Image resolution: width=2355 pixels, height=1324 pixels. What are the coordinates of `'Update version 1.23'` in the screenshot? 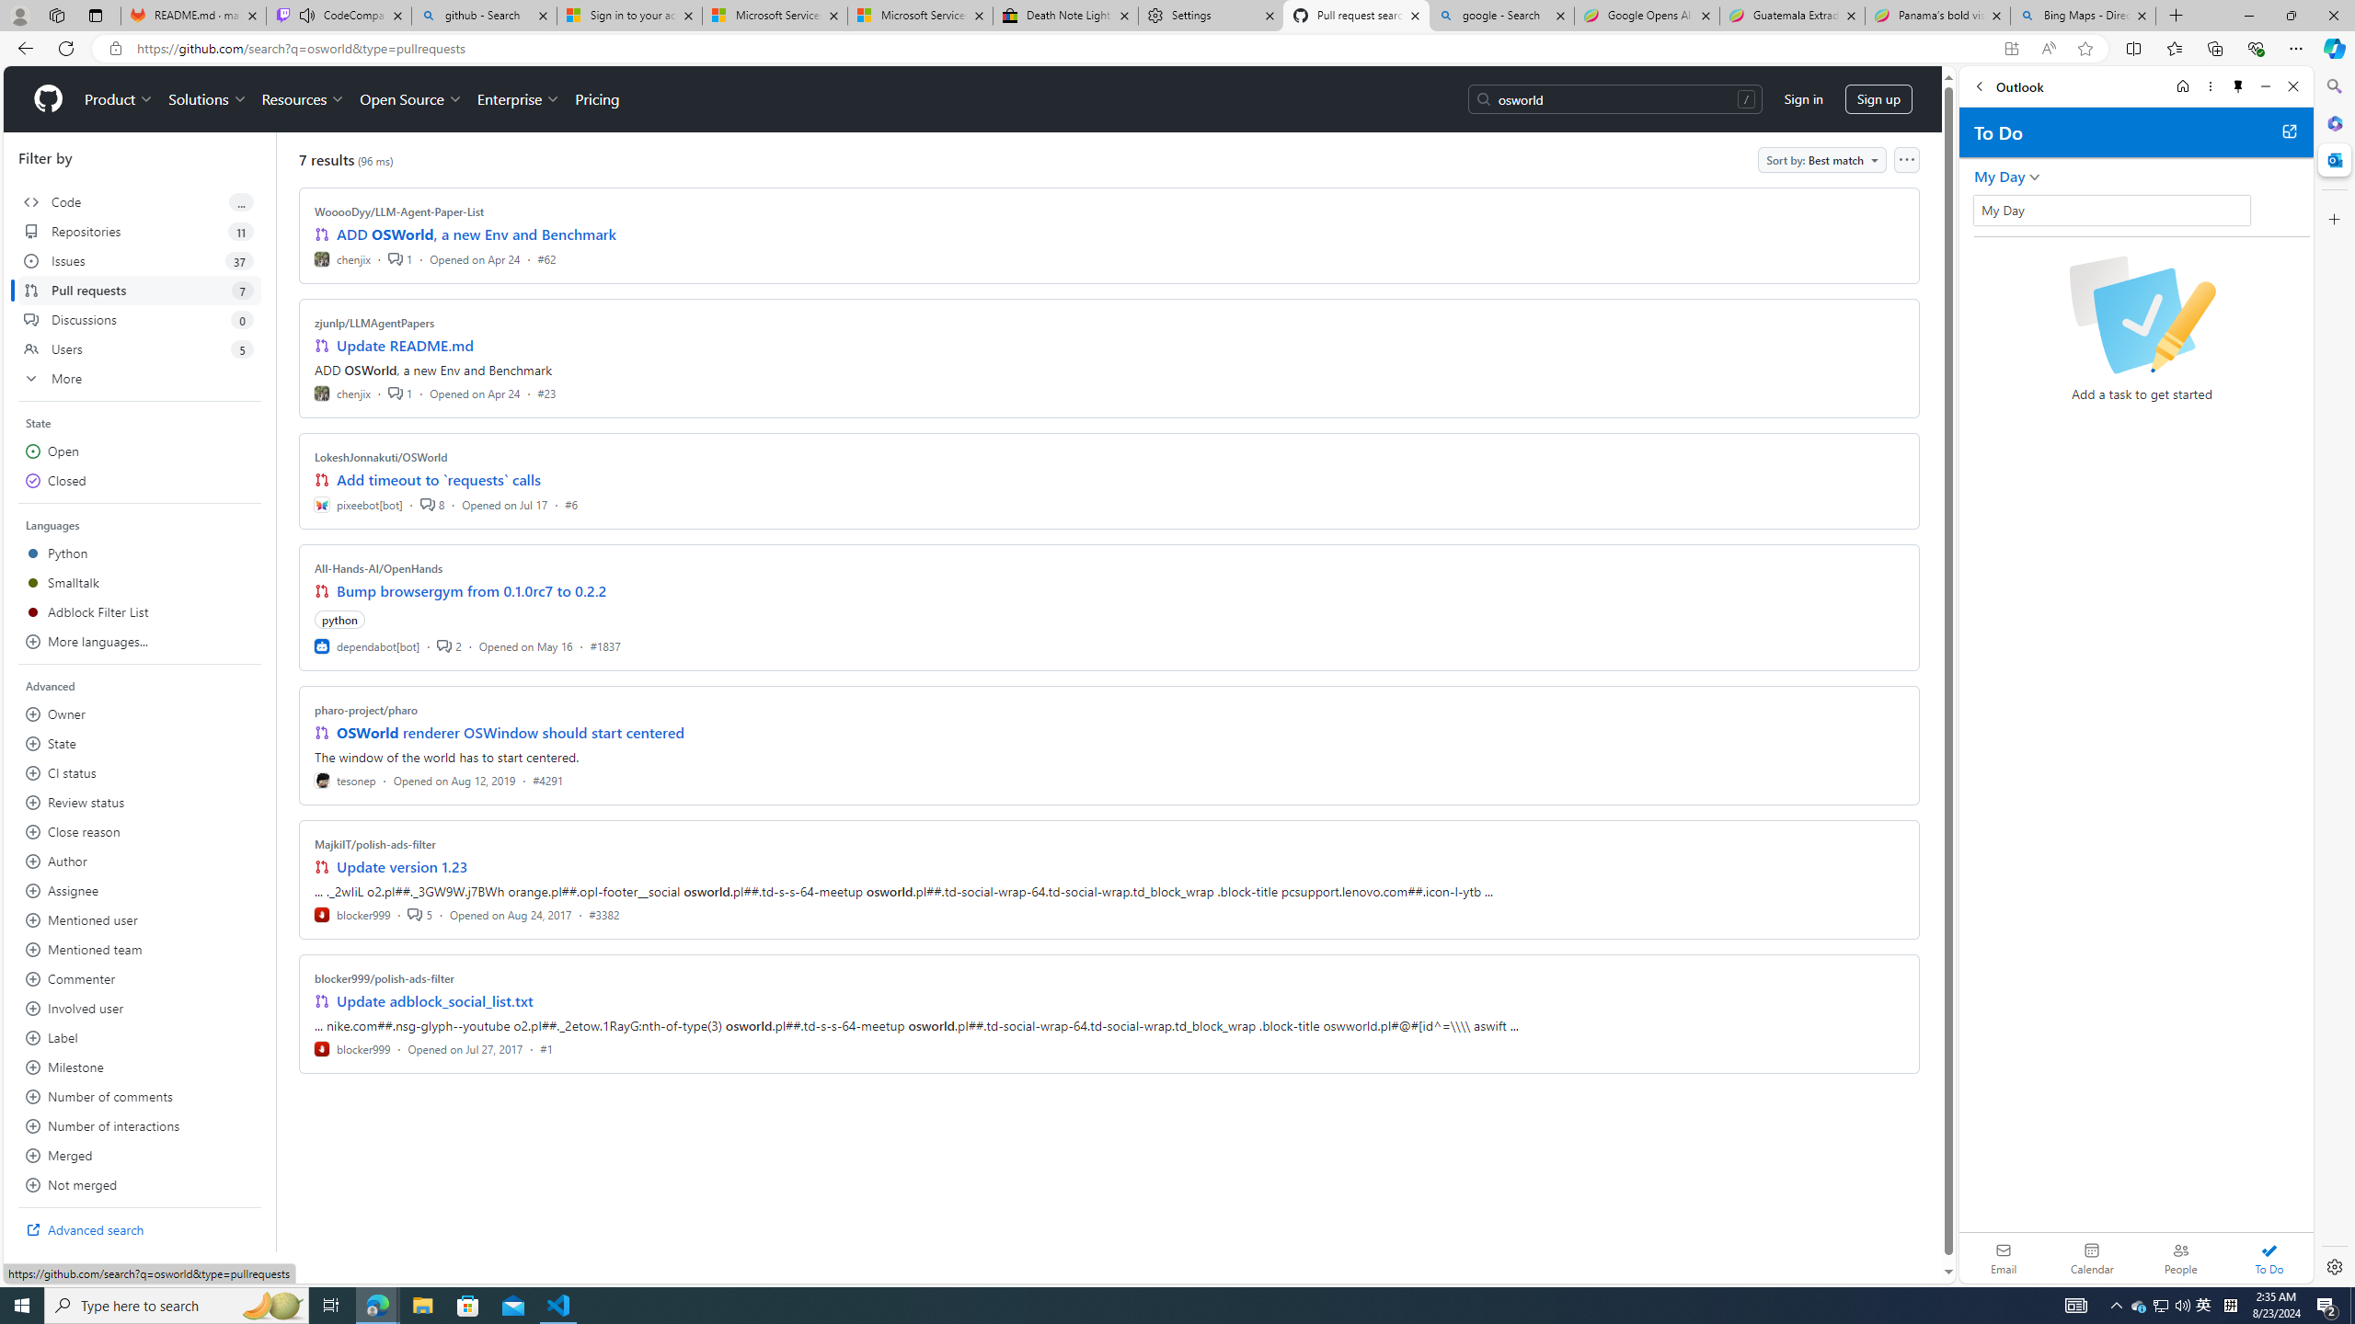 It's located at (401, 866).